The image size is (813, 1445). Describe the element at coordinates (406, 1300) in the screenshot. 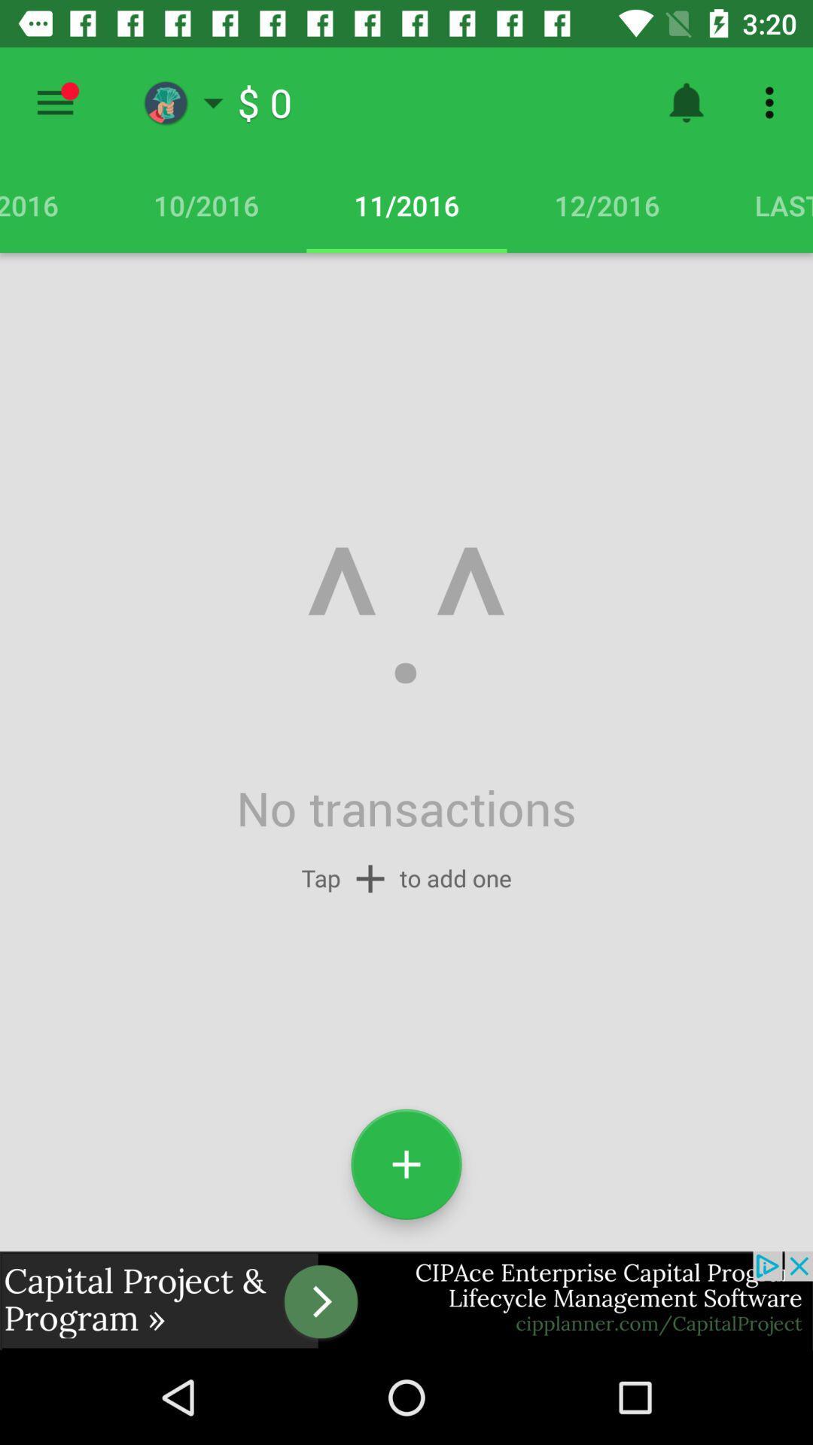

I see `advertisement link` at that location.